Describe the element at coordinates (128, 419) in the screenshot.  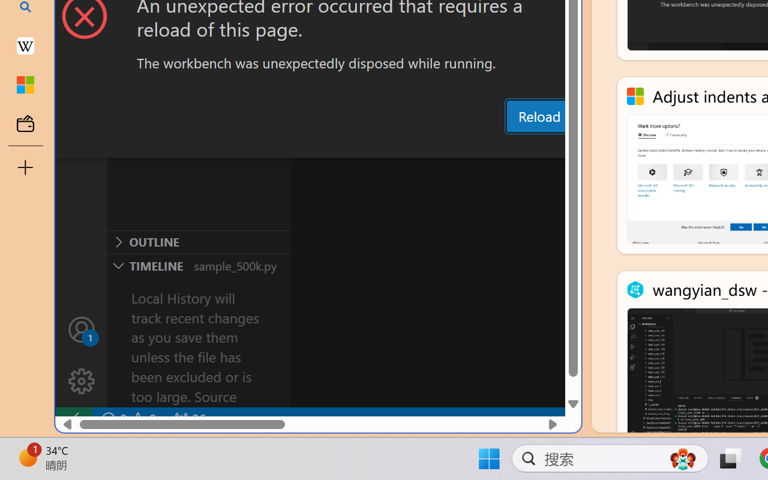
I see `'No Problems'` at that location.